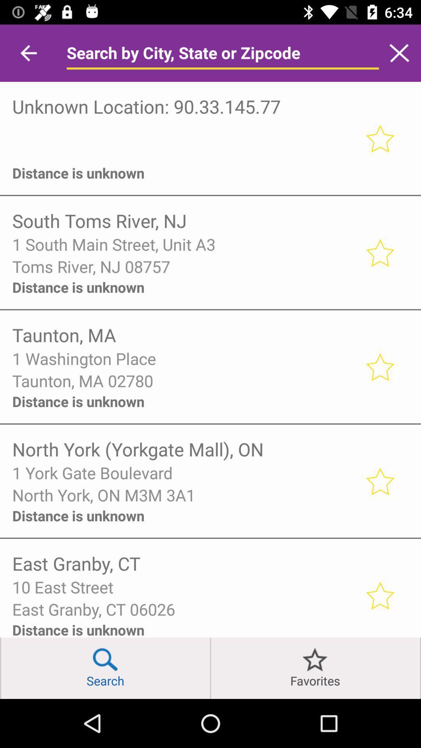 The height and width of the screenshot is (748, 421). I want to click on favorites, so click(315, 668).